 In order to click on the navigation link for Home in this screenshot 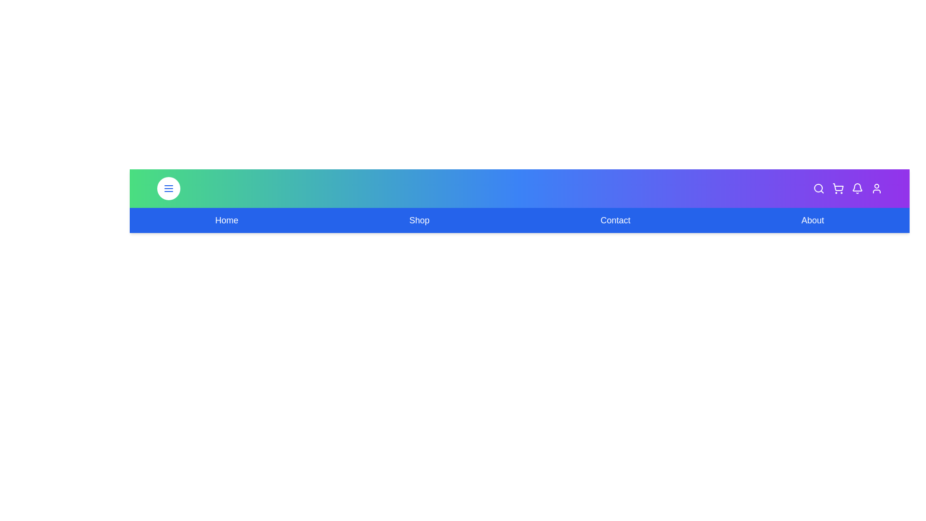, I will do `click(226, 220)`.